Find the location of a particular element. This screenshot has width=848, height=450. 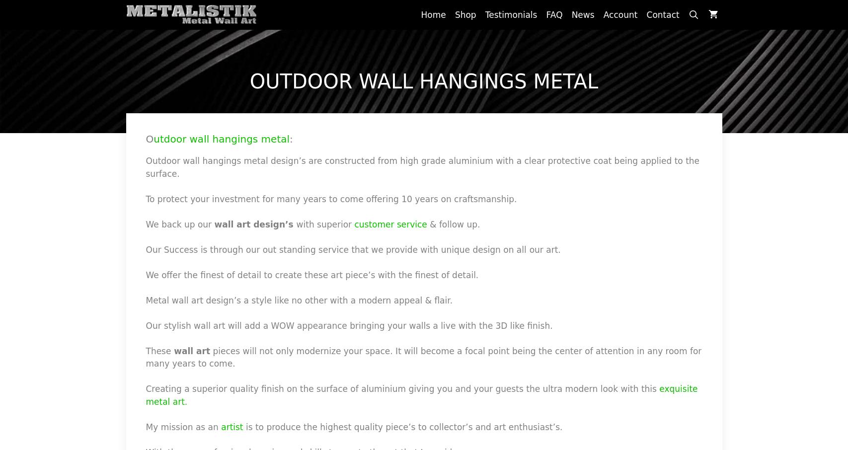

'Outdoor wall hangings metal' is located at coordinates (423, 81).